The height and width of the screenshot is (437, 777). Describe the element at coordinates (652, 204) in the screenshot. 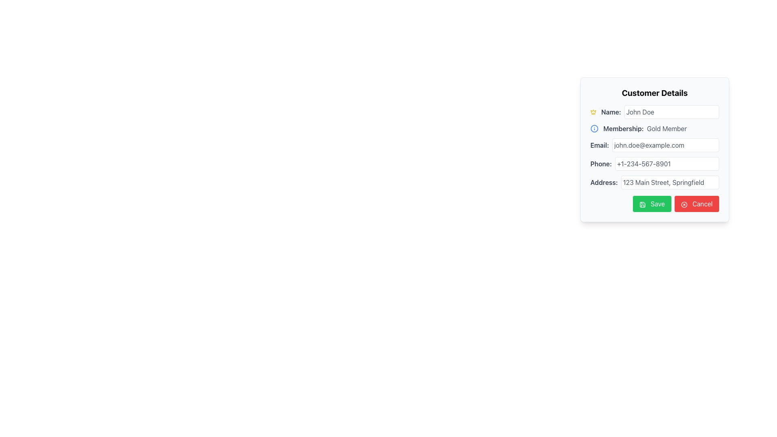

I see `the 'Save' button, which is a rectangular button with a green background and white text, located at the bottom-right of the 'Customer Details' form` at that location.